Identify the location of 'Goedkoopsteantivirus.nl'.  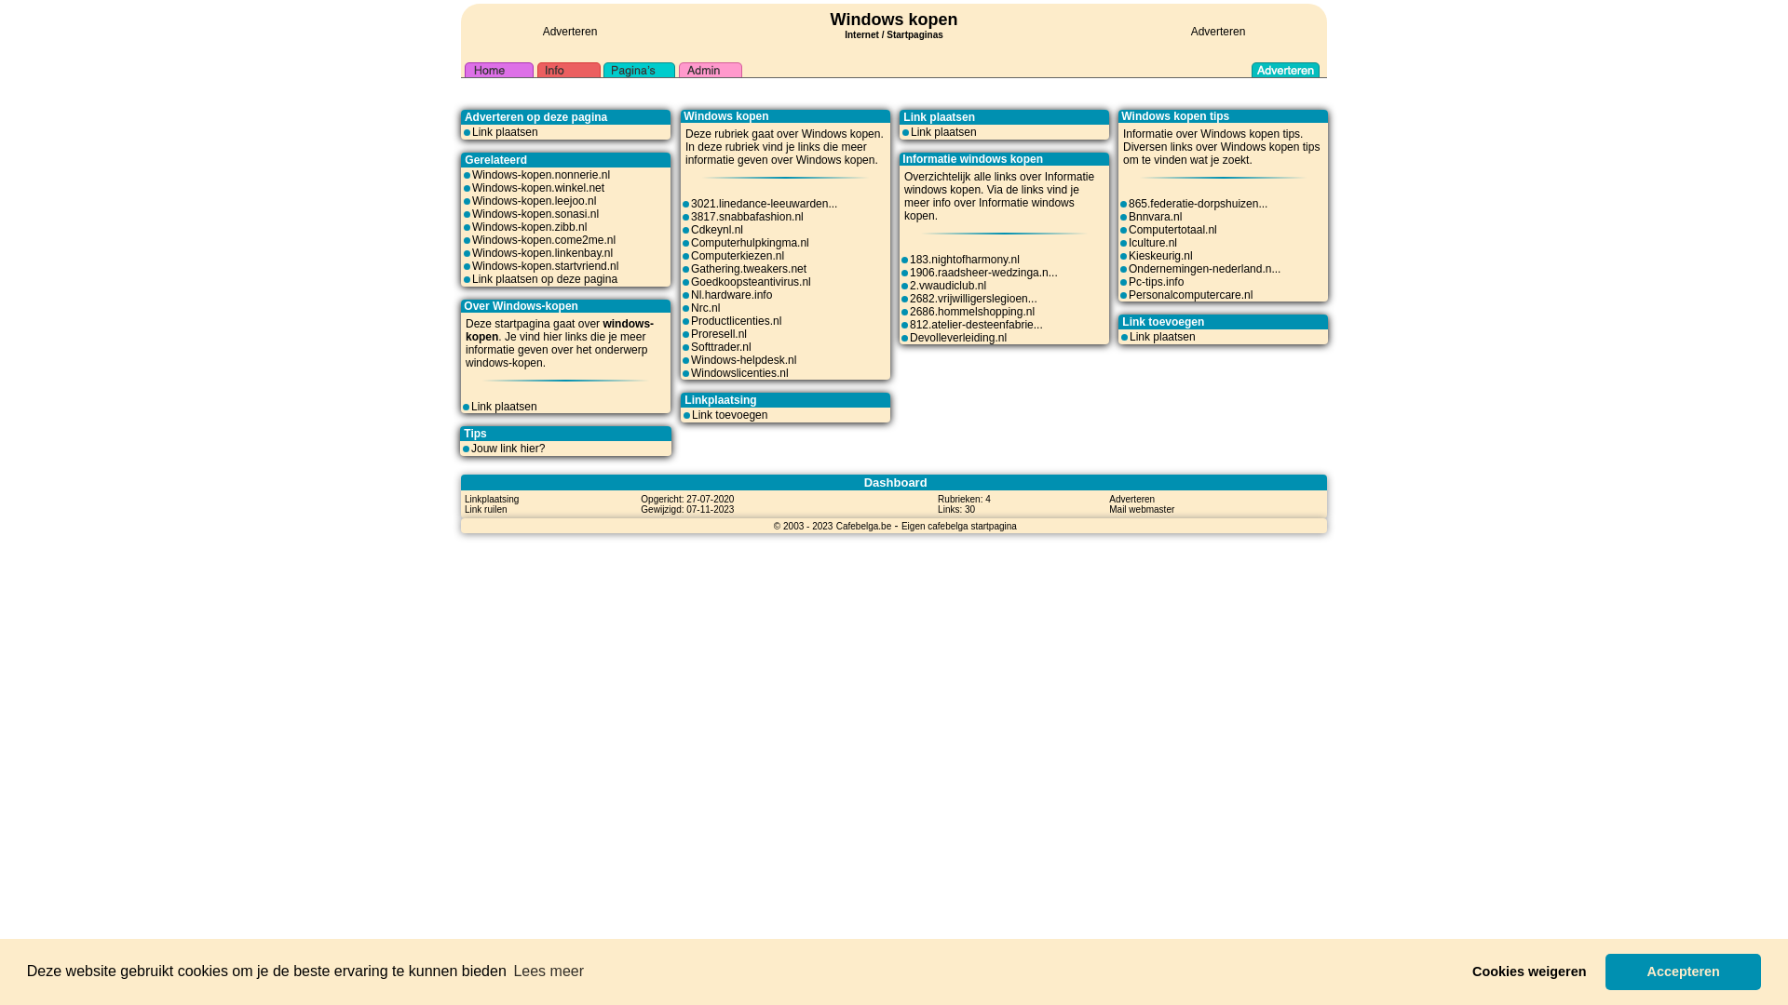
(751, 282).